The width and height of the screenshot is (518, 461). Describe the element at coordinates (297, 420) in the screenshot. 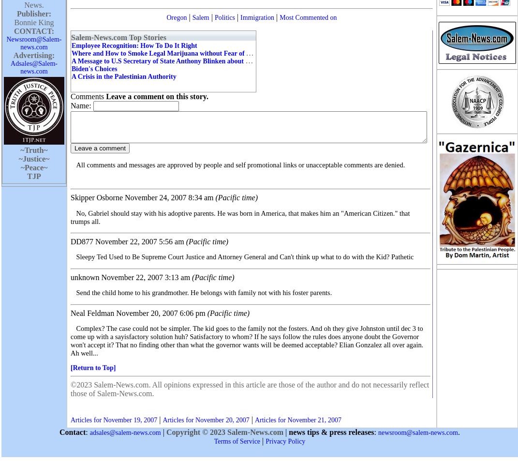

I see `'Articles for November 21, 2007'` at that location.